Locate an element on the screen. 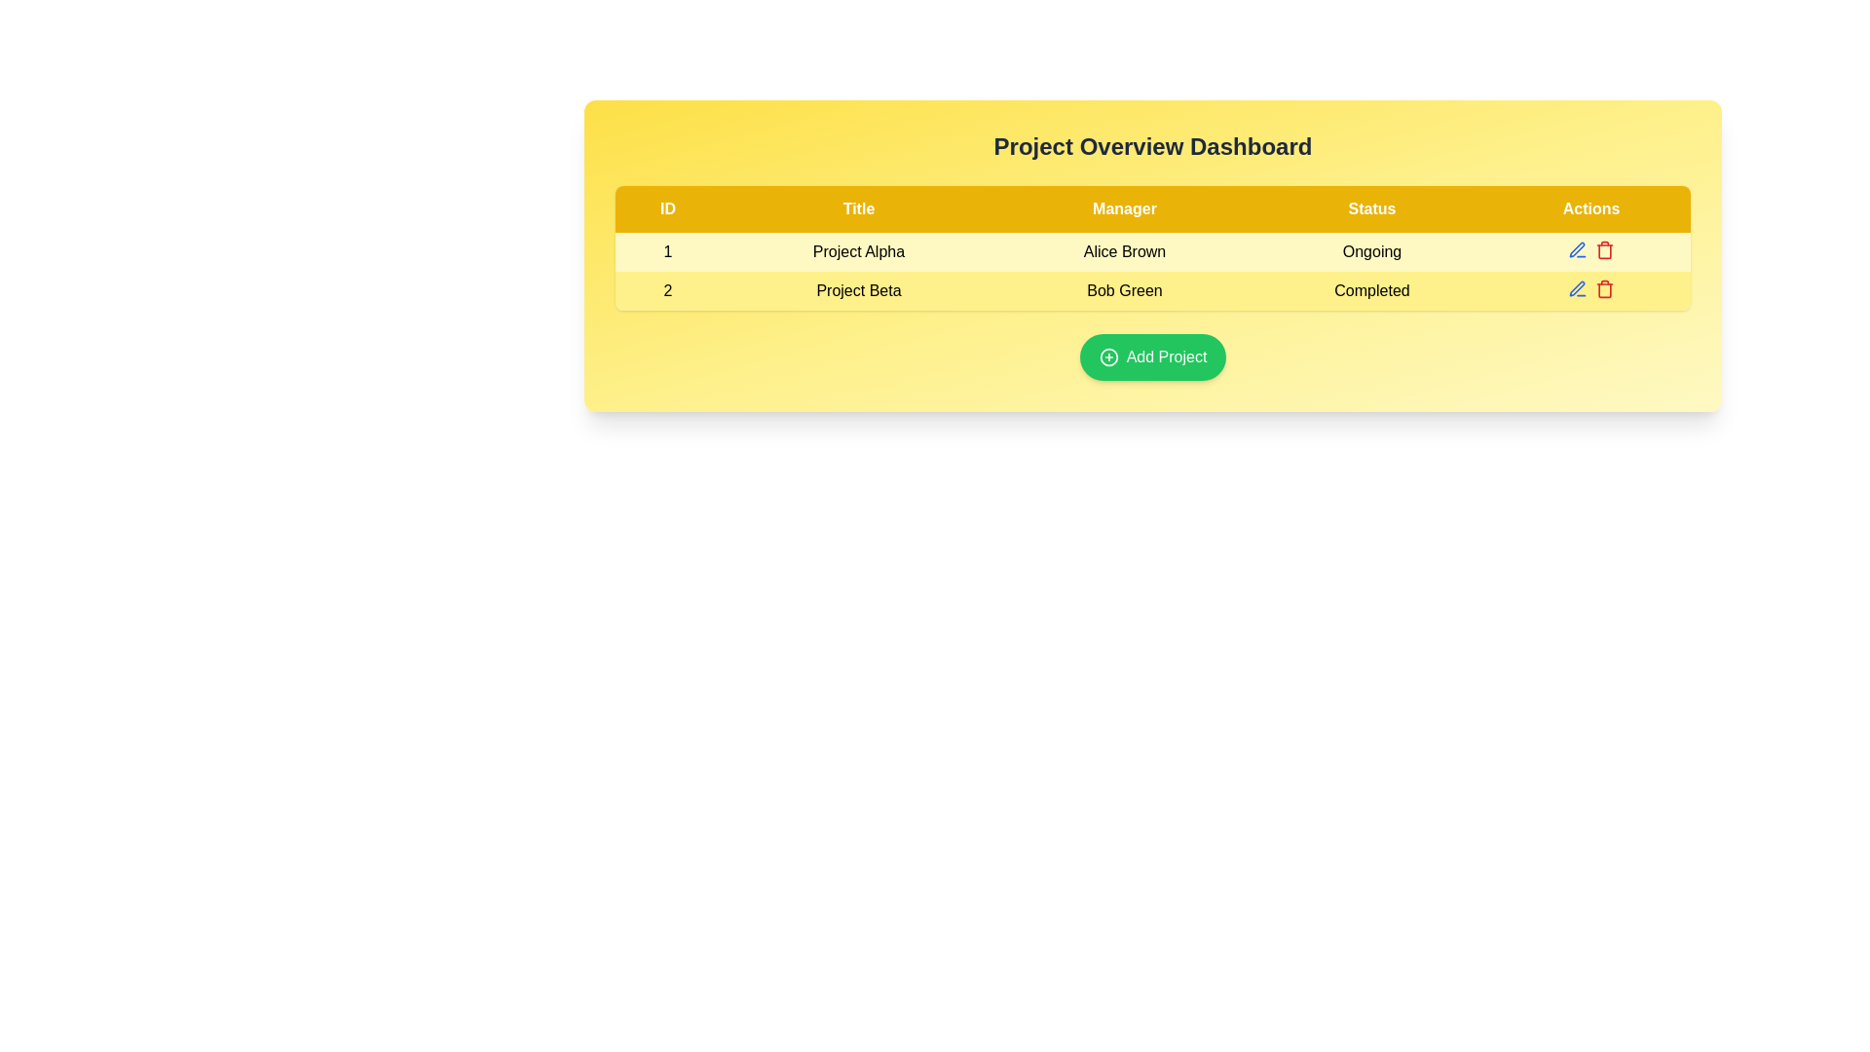 Image resolution: width=1870 pixels, height=1052 pixels. the edit icon button in the 'Actions' column of the second row of the data table is located at coordinates (1578, 289).